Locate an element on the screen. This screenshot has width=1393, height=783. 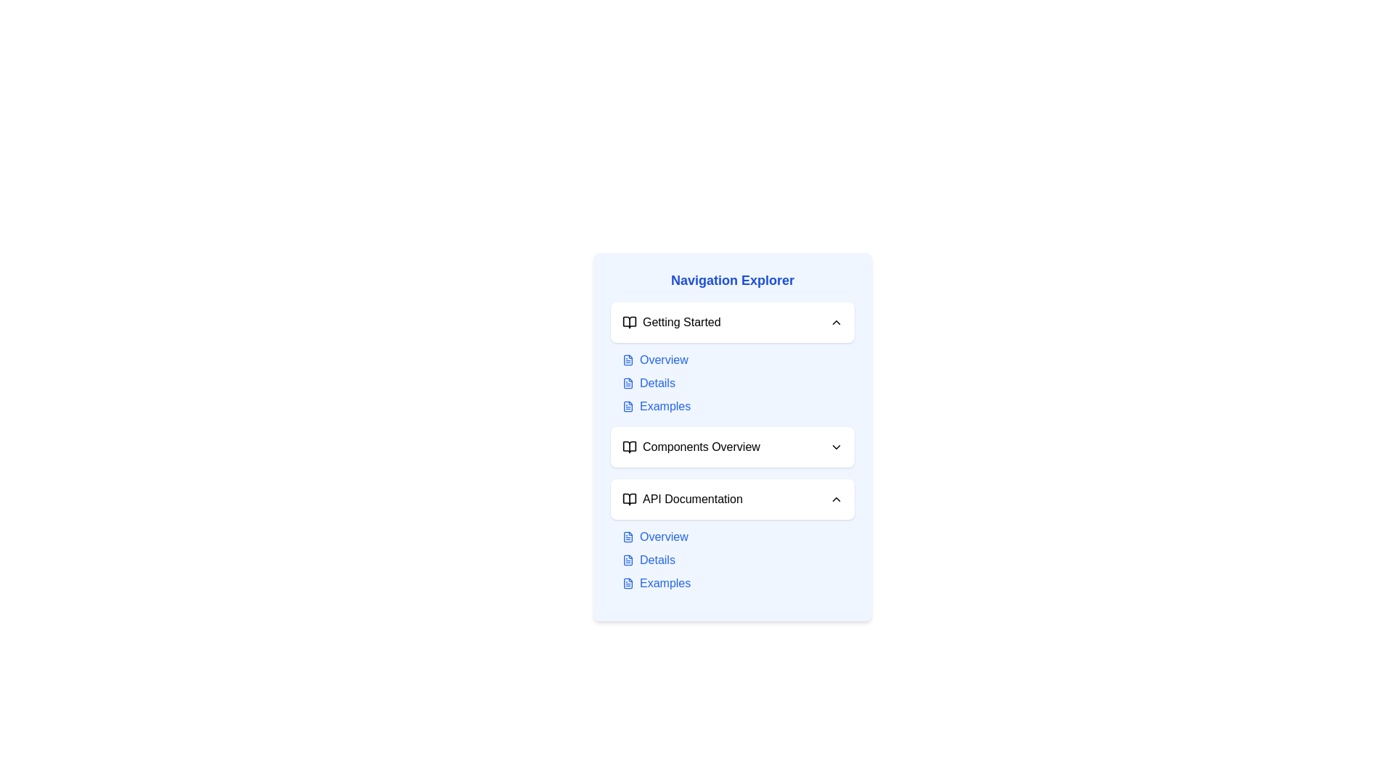
the 'Navigation Explorer' panel is located at coordinates (732, 436).